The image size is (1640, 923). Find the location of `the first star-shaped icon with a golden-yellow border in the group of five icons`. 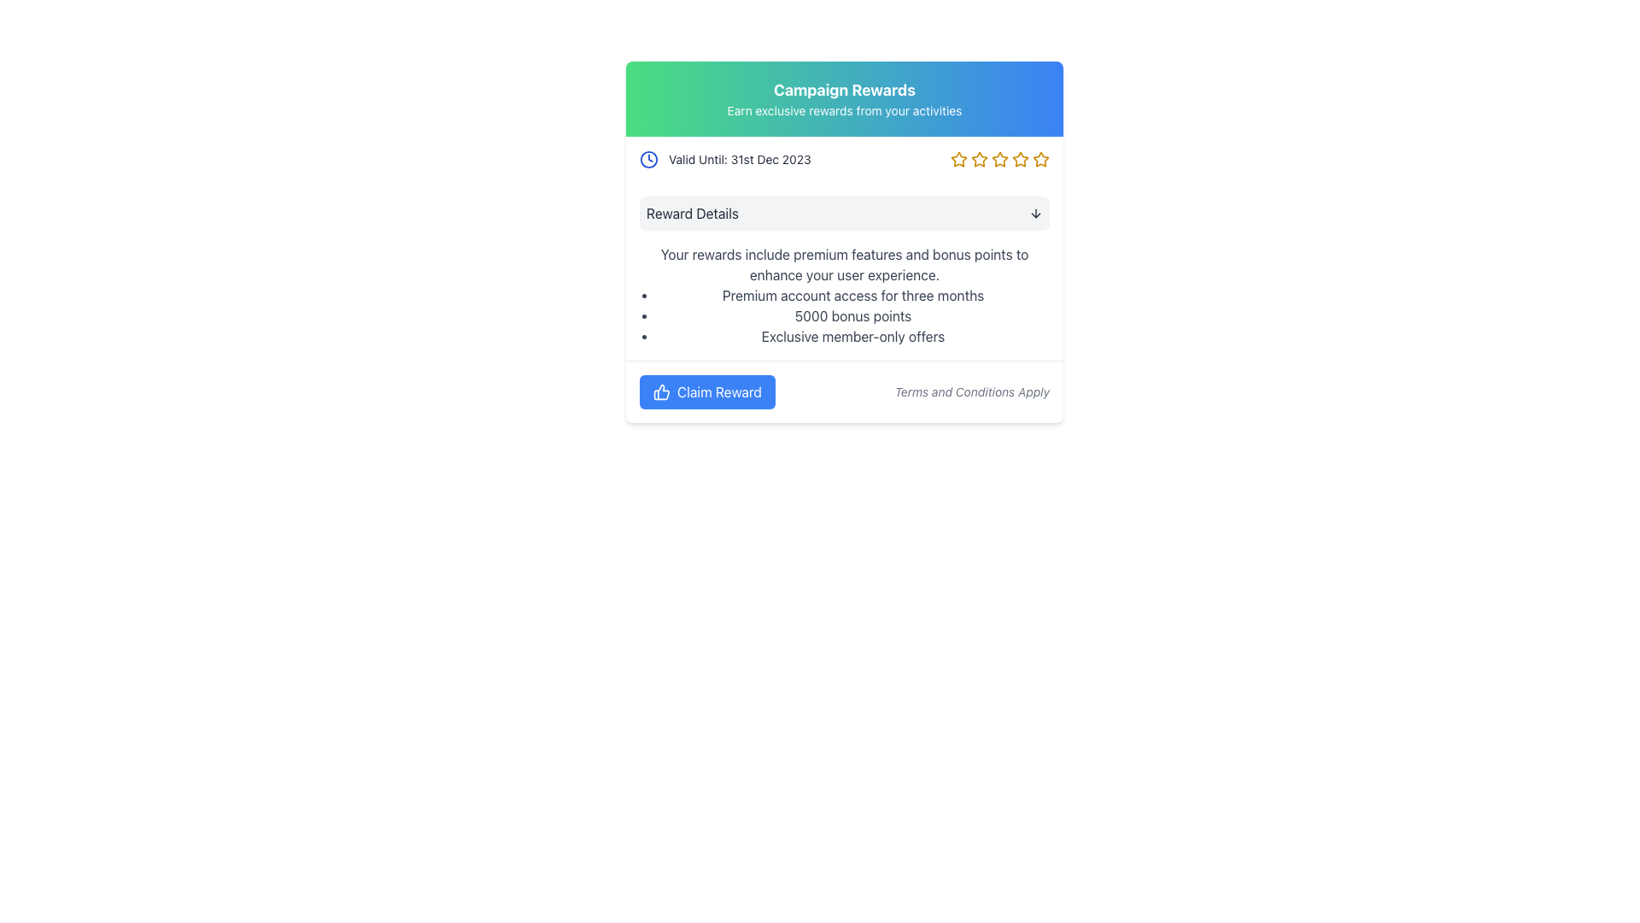

the first star-shaped icon with a golden-yellow border in the group of five icons is located at coordinates (959, 159).